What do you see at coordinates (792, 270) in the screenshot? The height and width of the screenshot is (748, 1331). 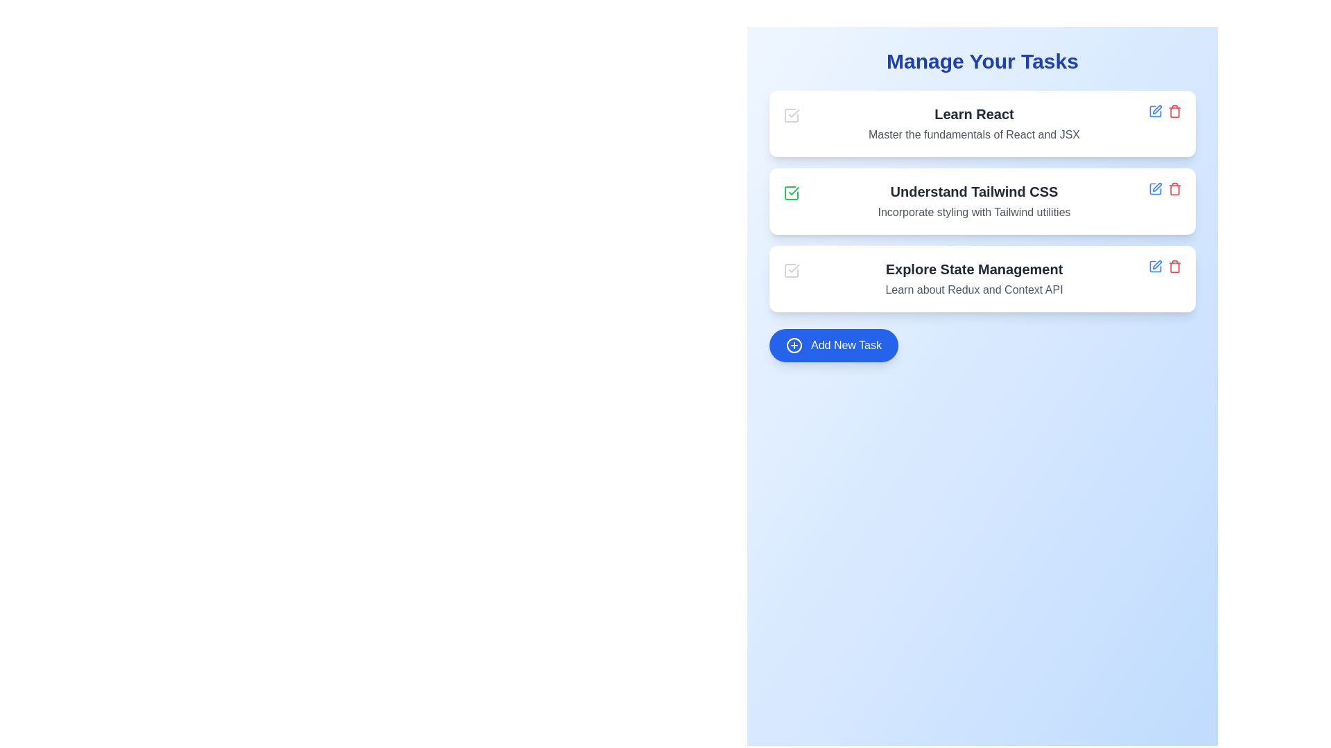 I see `the square-shaped icon with rounded edges, styled with a light gray border and transparent background, located to the left of the task's title in the third task entry under 'Manage Your Tasks'` at bounding box center [792, 270].